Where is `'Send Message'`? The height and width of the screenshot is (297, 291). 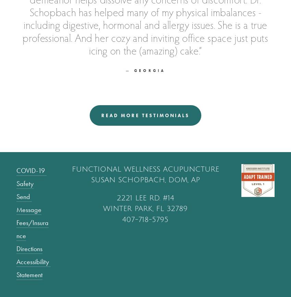 'Send Message' is located at coordinates (29, 202).